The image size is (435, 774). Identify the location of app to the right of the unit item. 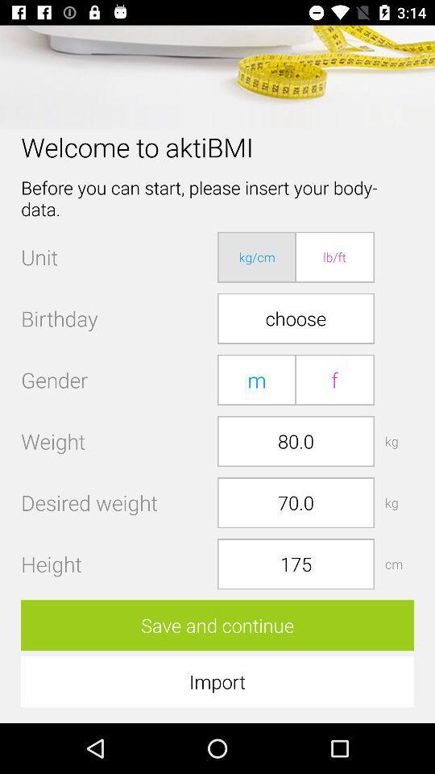
(257, 257).